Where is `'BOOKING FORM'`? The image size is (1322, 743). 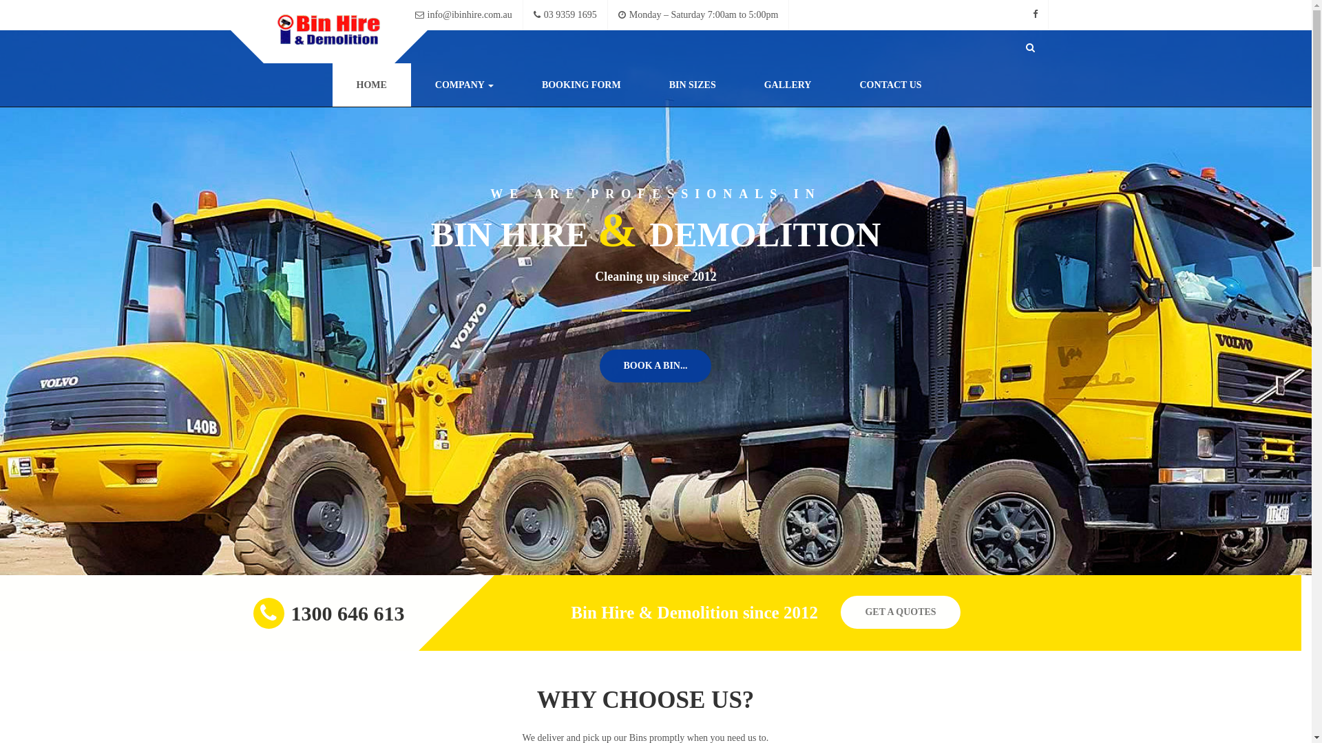 'BOOKING FORM' is located at coordinates (581, 85).